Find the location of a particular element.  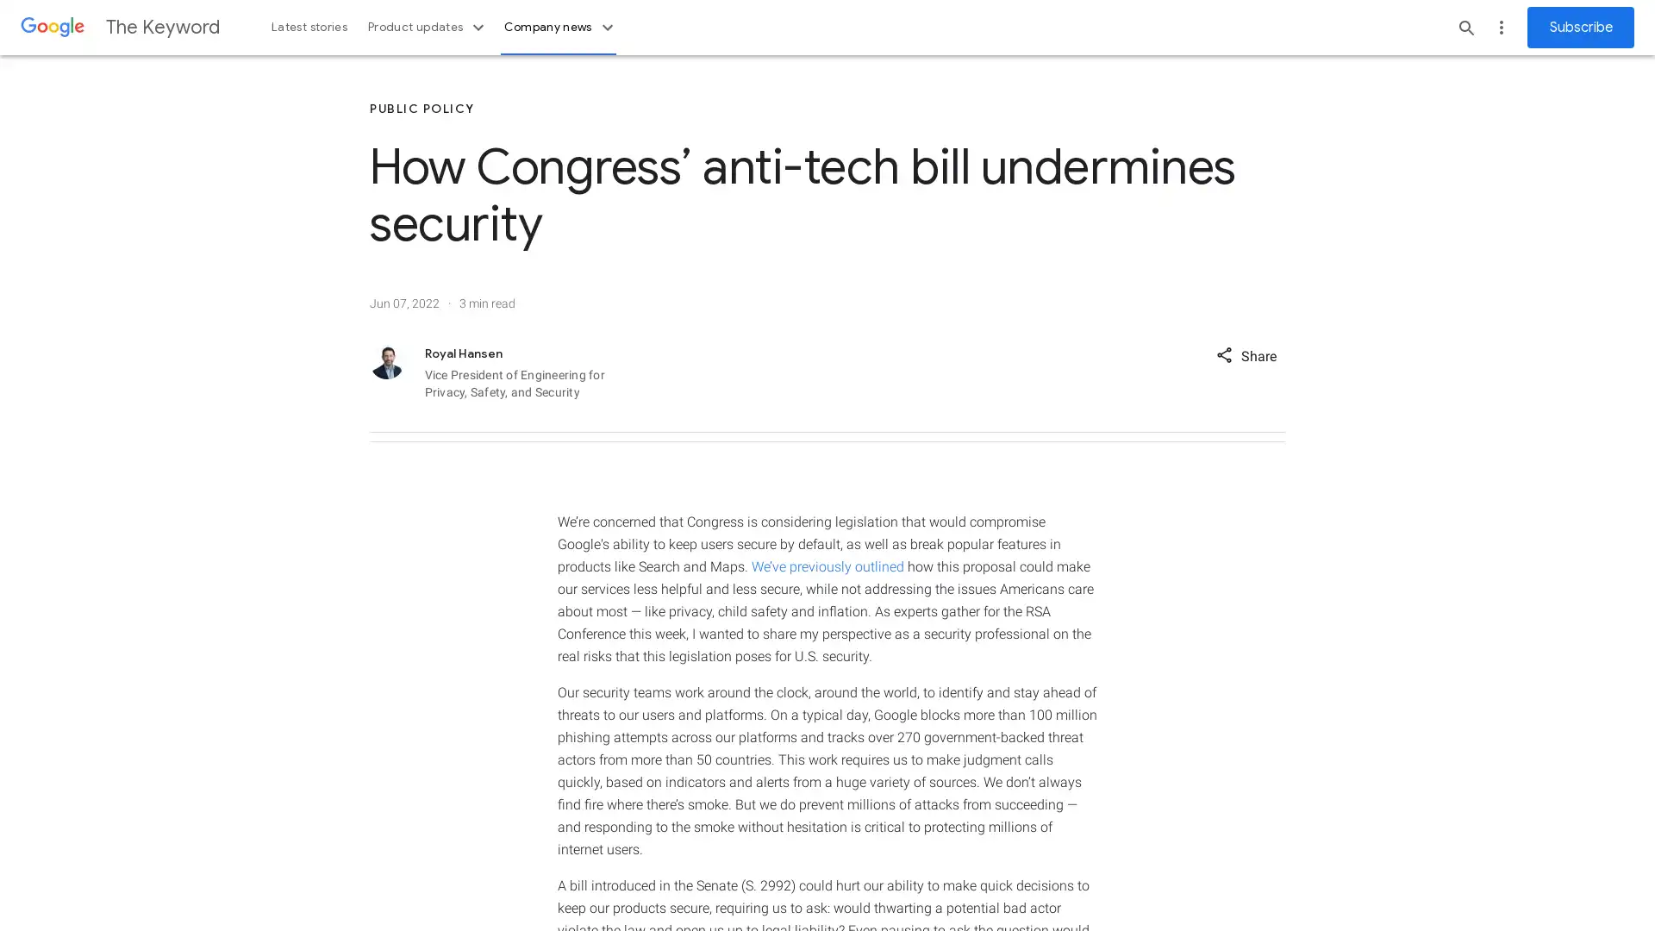

Newsletter subscribe is located at coordinates (1580, 27).